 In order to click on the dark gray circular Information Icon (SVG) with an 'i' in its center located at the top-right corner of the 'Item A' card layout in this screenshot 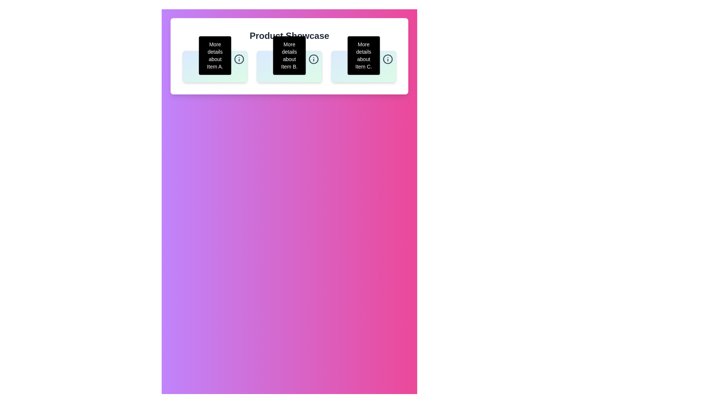, I will do `click(239, 59)`.